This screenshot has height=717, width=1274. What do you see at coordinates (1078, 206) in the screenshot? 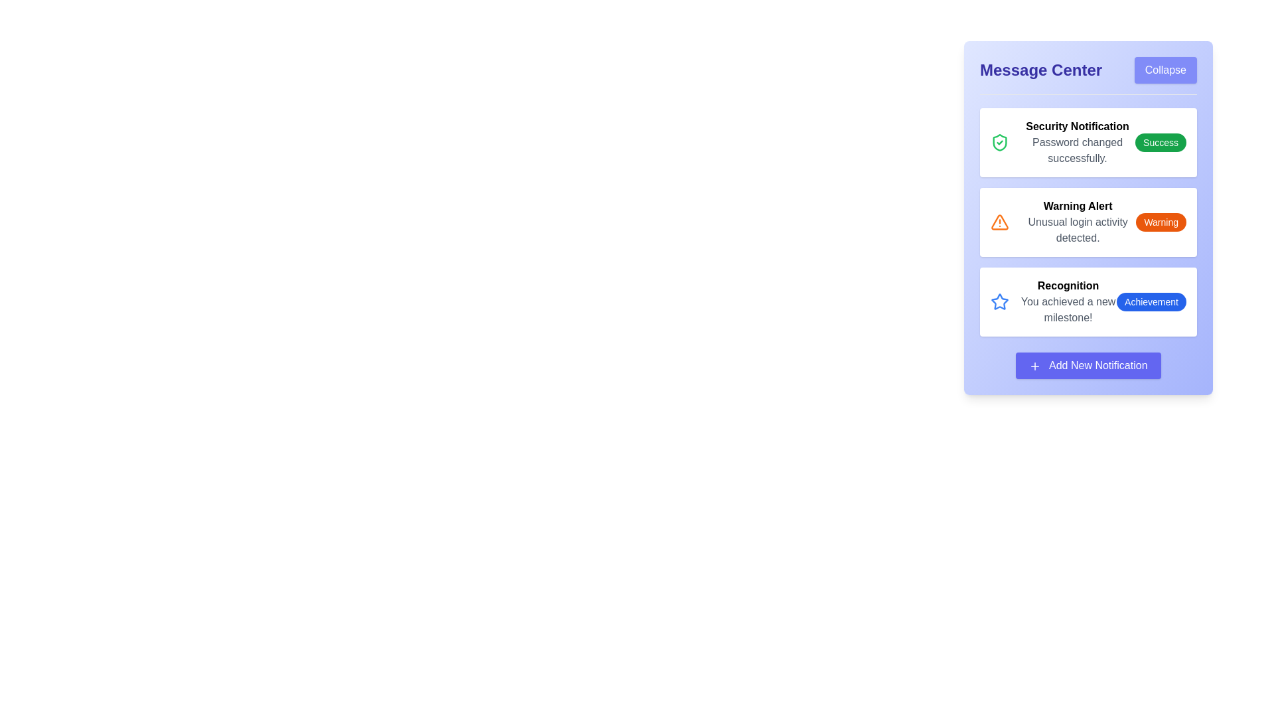
I see `the title text of the notification alert located in the 'Message Center' panel, specifically the first line of text in the second notification card from the top, which summarizes the associated message` at bounding box center [1078, 206].